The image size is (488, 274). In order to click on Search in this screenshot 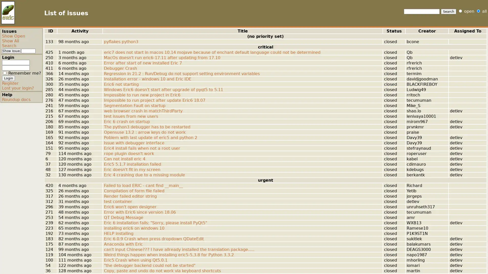, I will do `click(449, 11)`.